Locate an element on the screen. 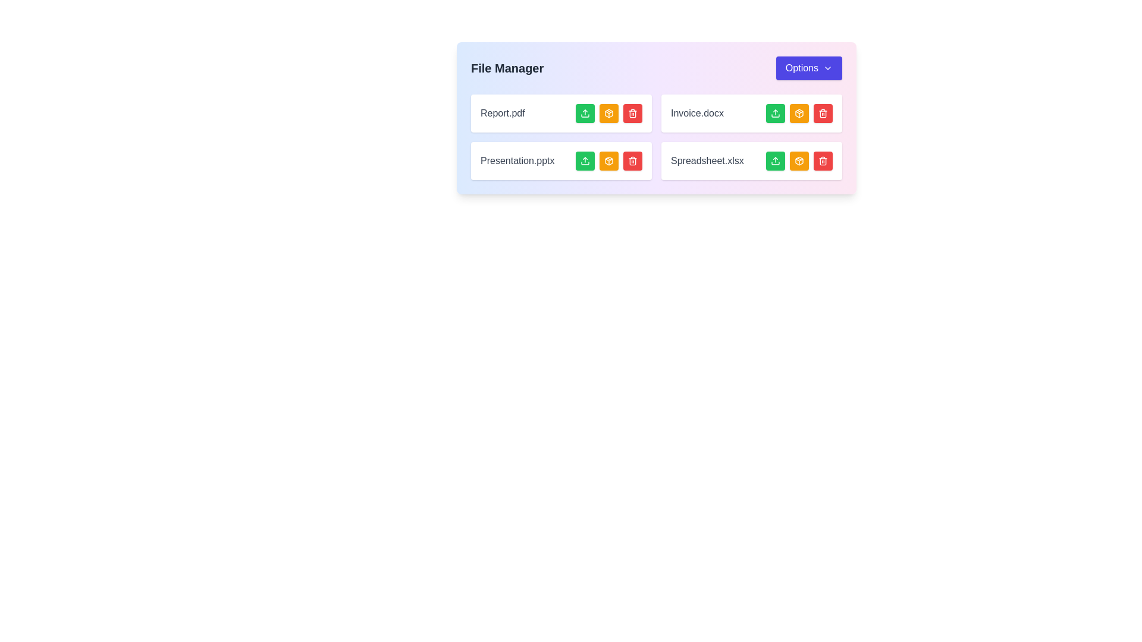  the icon button resembling a package, which is the second button in the row of action buttons for the file 'Invoice.docx' is located at coordinates (799, 114).